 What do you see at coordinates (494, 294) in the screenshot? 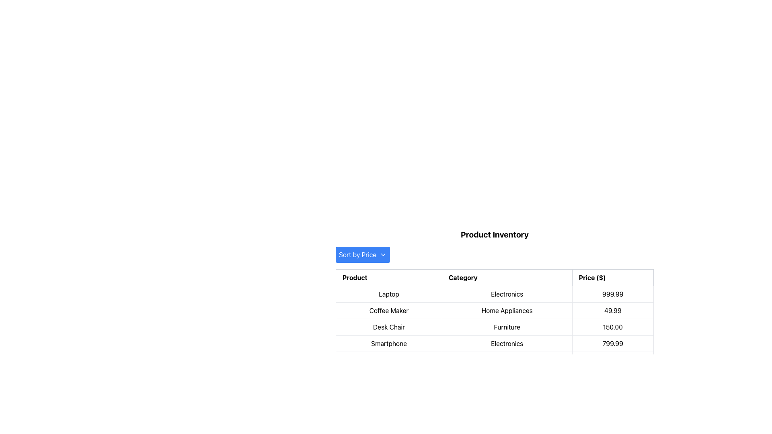
I see `the first row of the table displaying 'Laptop' on the left, 'Electronics' in the middle, and '999.99' on the right for selection` at bounding box center [494, 294].